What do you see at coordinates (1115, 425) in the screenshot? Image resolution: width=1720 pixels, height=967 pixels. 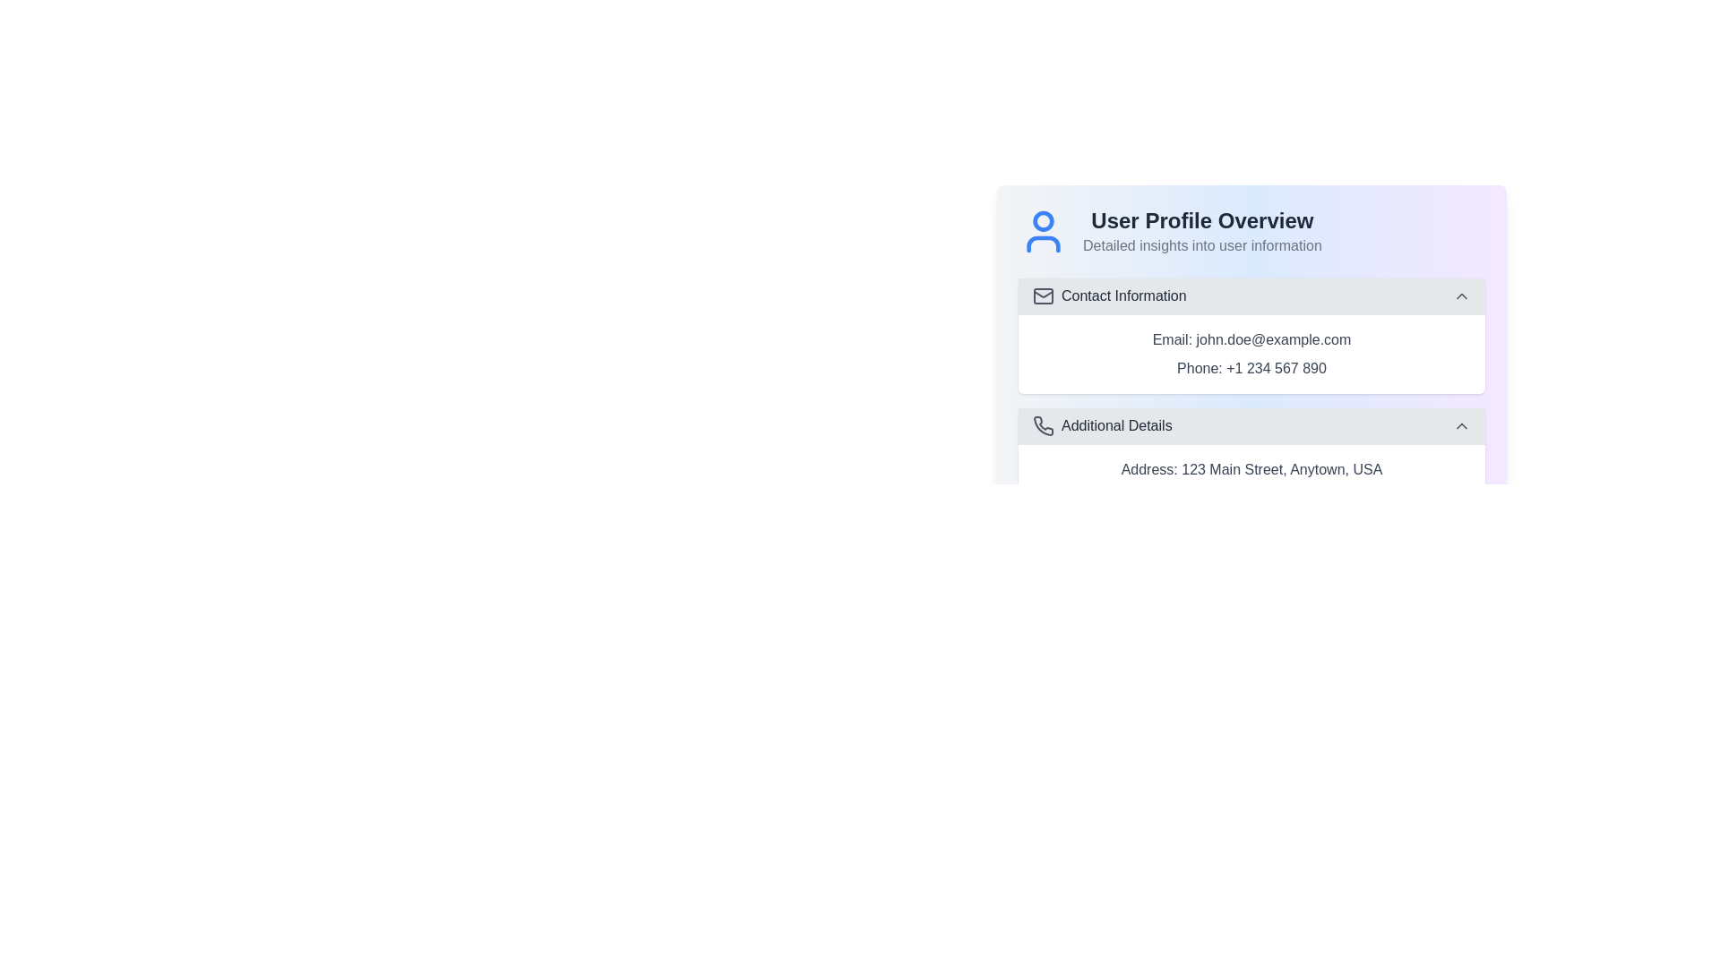 I see `the text label that provides additional contact information, located in the 'Additional Details' section adjacent to the phone icon` at bounding box center [1115, 425].